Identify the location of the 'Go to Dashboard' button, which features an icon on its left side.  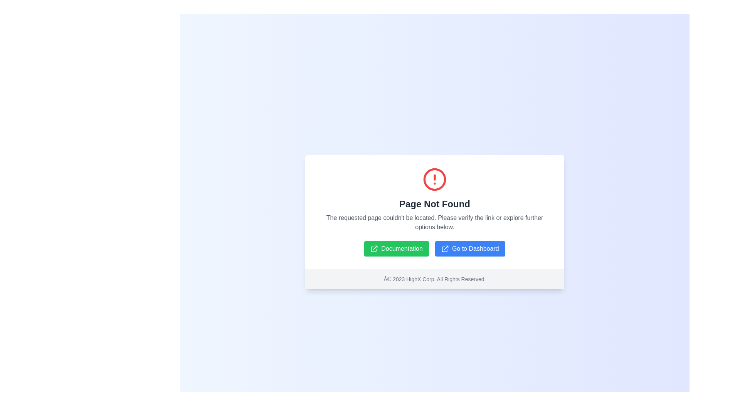
(445, 248).